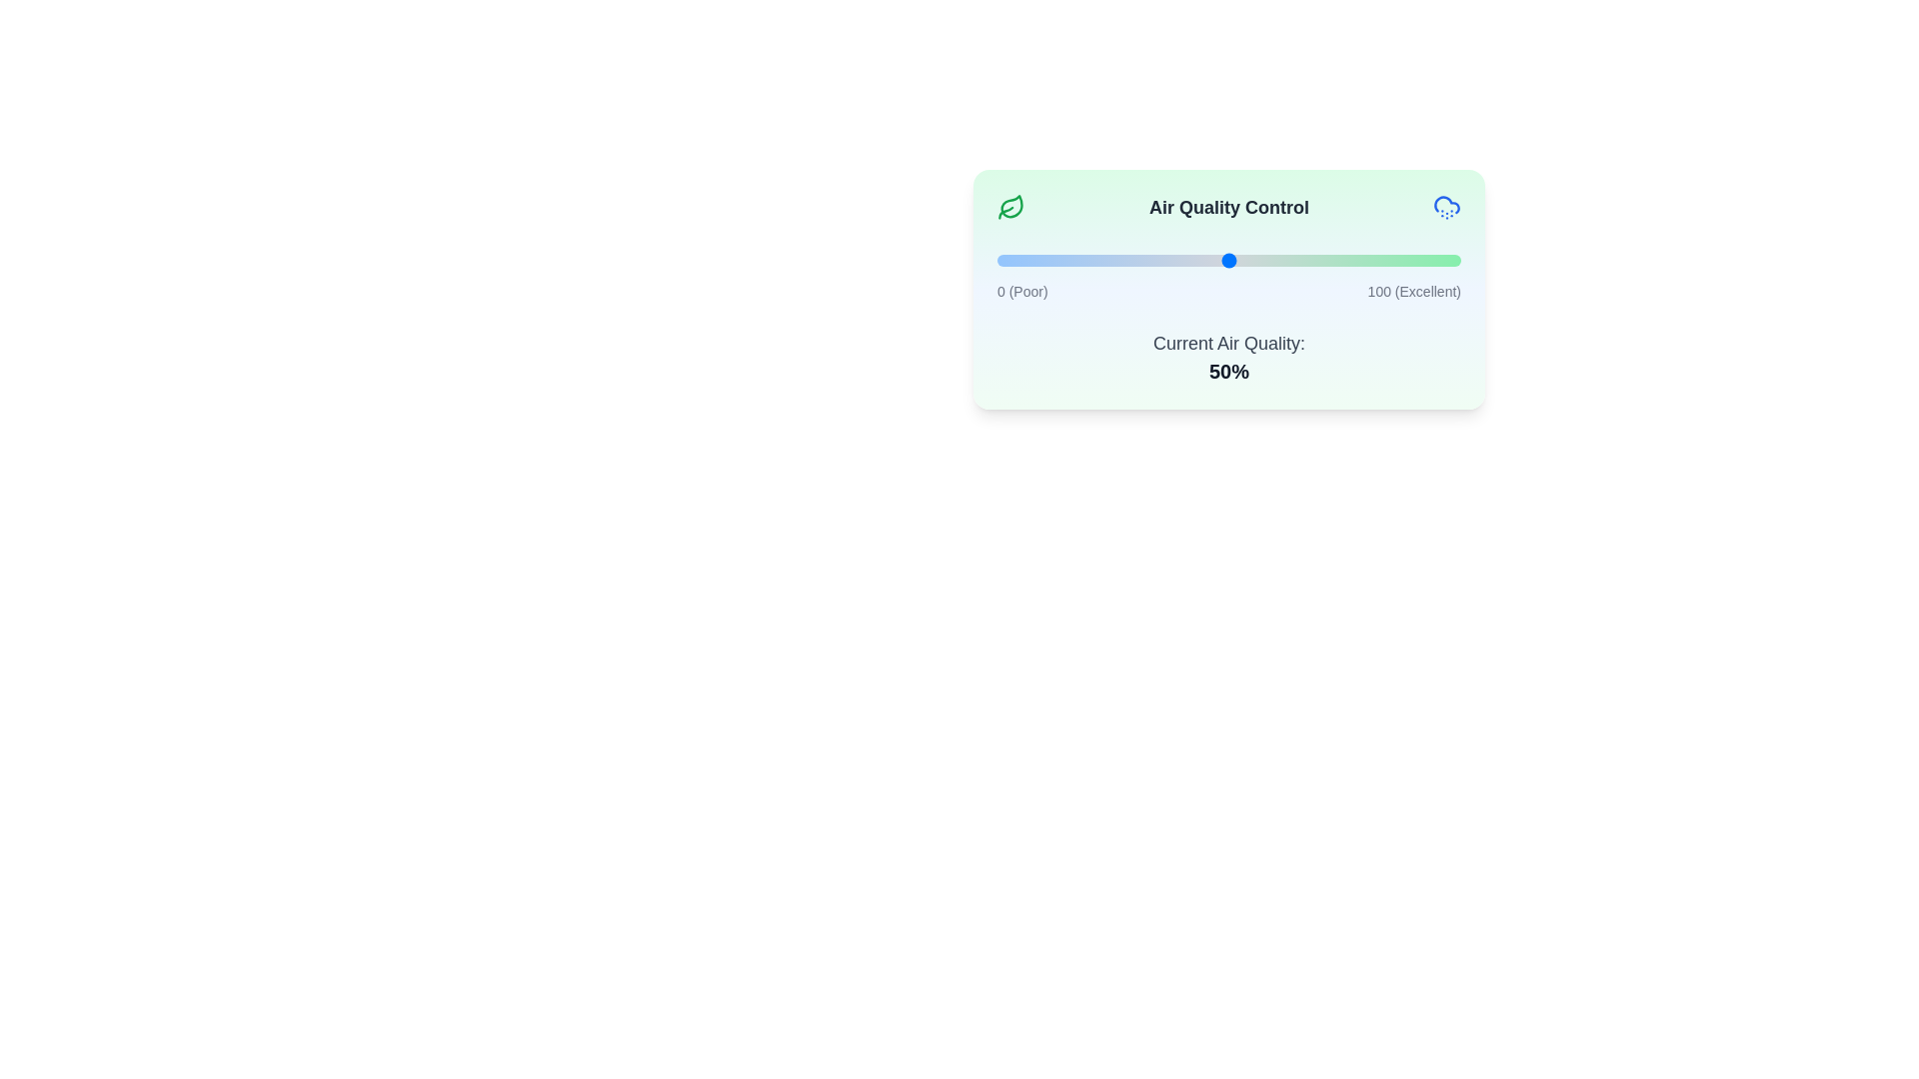  I want to click on the air quality slider to 80%, so click(1367, 260).